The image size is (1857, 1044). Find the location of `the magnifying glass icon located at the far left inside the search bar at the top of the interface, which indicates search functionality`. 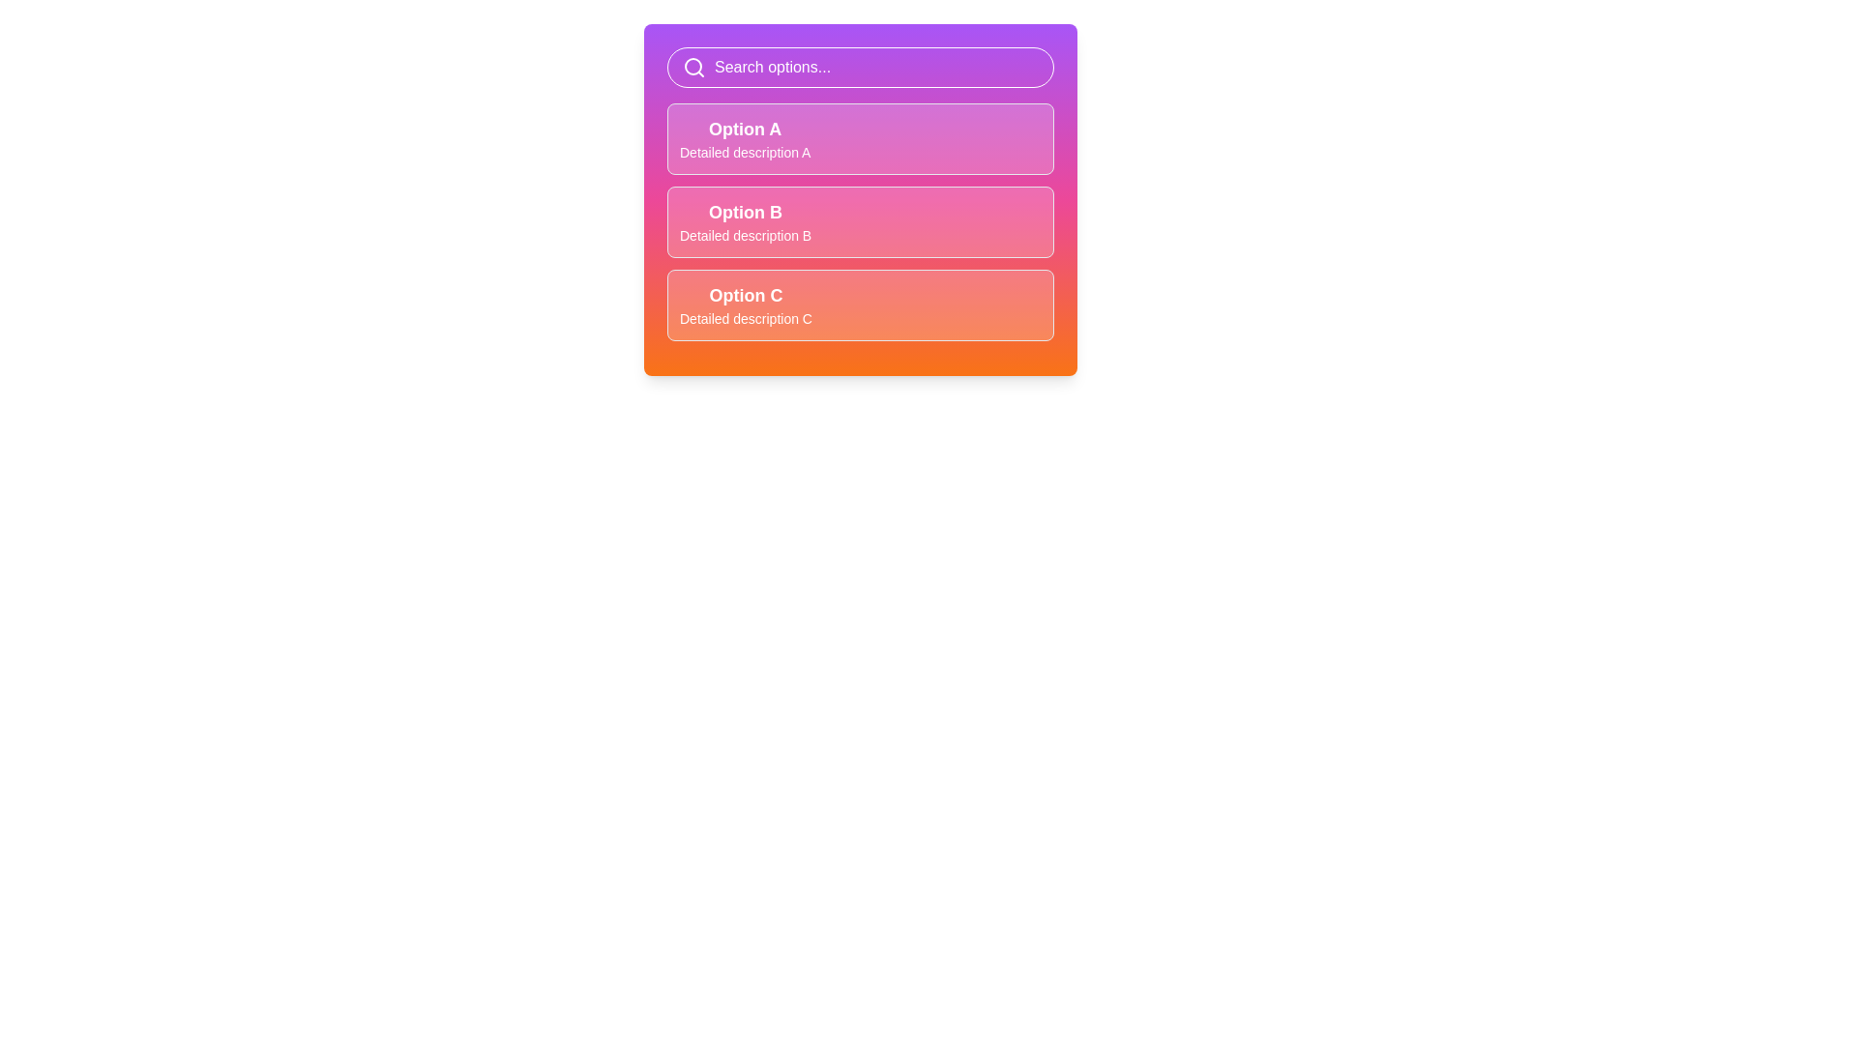

the magnifying glass icon located at the far left inside the search bar at the top of the interface, which indicates search functionality is located at coordinates (694, 66).